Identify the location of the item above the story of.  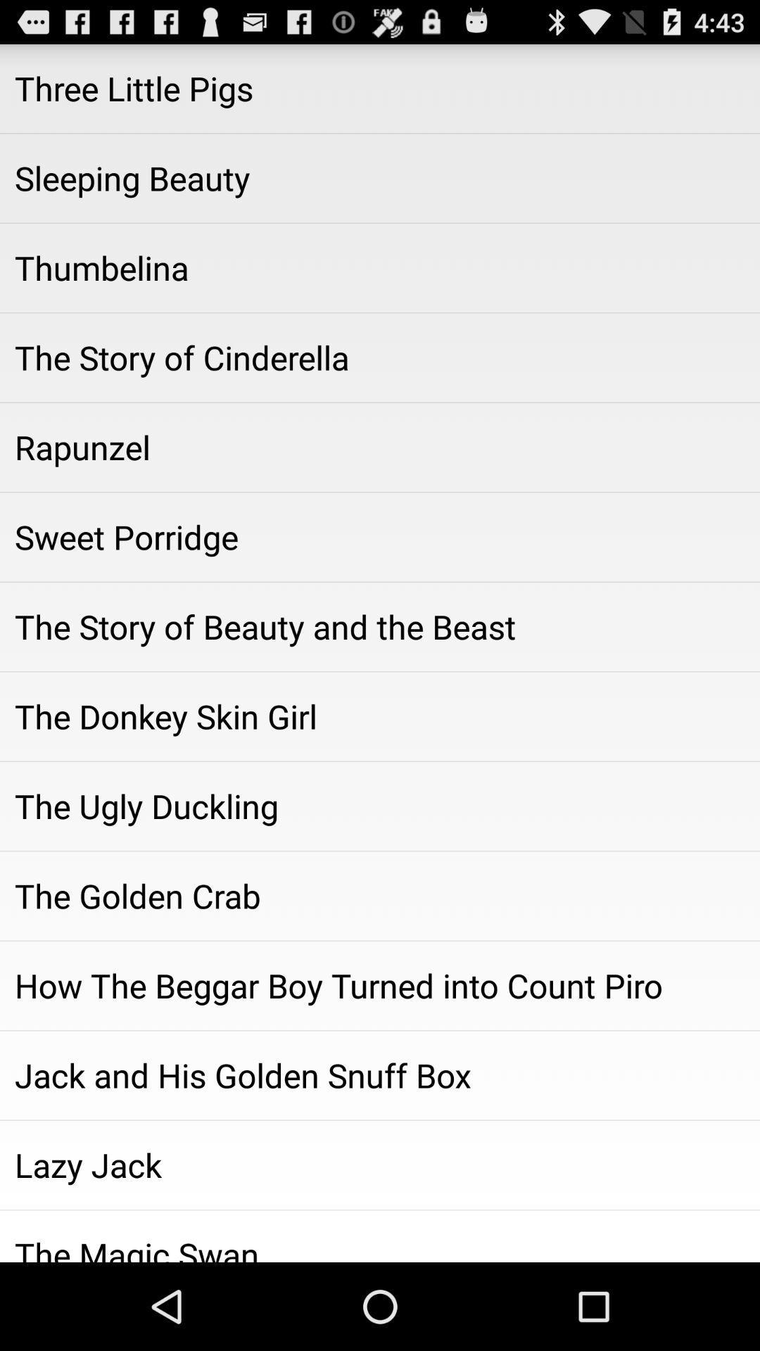
(380, 536).